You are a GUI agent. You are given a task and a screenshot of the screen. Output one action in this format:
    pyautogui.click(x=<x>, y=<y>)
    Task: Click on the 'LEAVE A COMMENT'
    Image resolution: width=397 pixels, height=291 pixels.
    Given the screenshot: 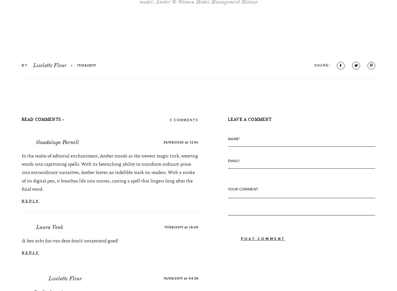 What is the action you would take?
    pyautogui.click(x=250, y=157)
    